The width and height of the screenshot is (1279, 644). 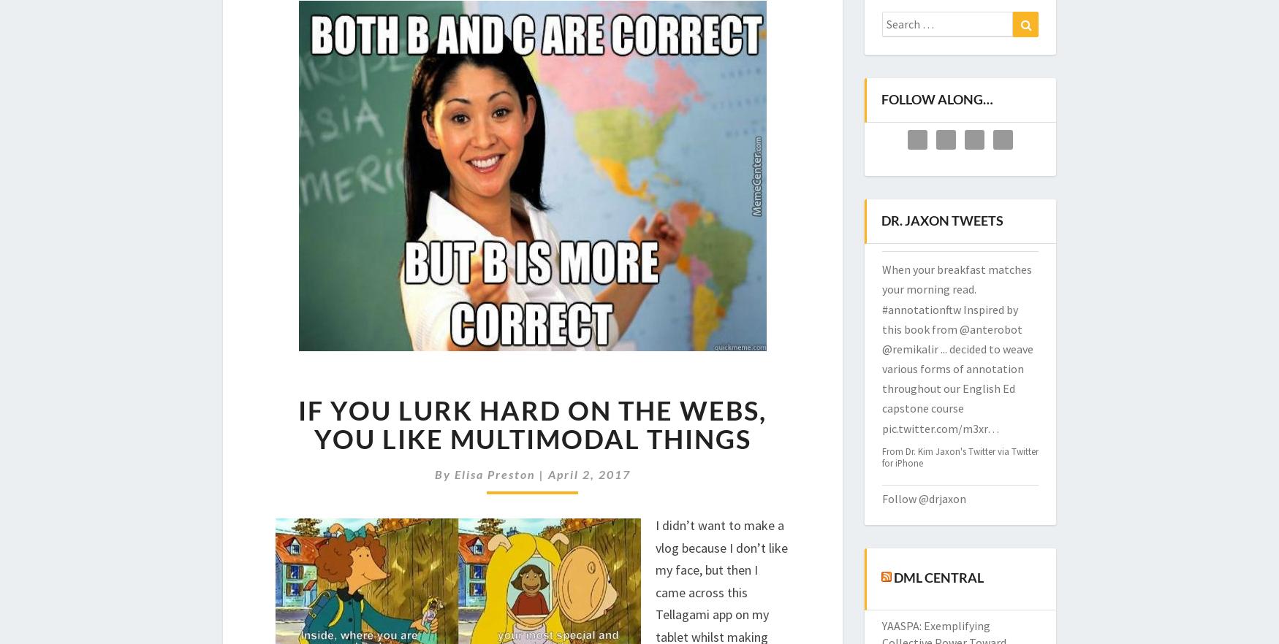 What do you see at coordinates (893, 576) in the screenshot?
I see `'DML Central'` at bounding box center [893, 576].